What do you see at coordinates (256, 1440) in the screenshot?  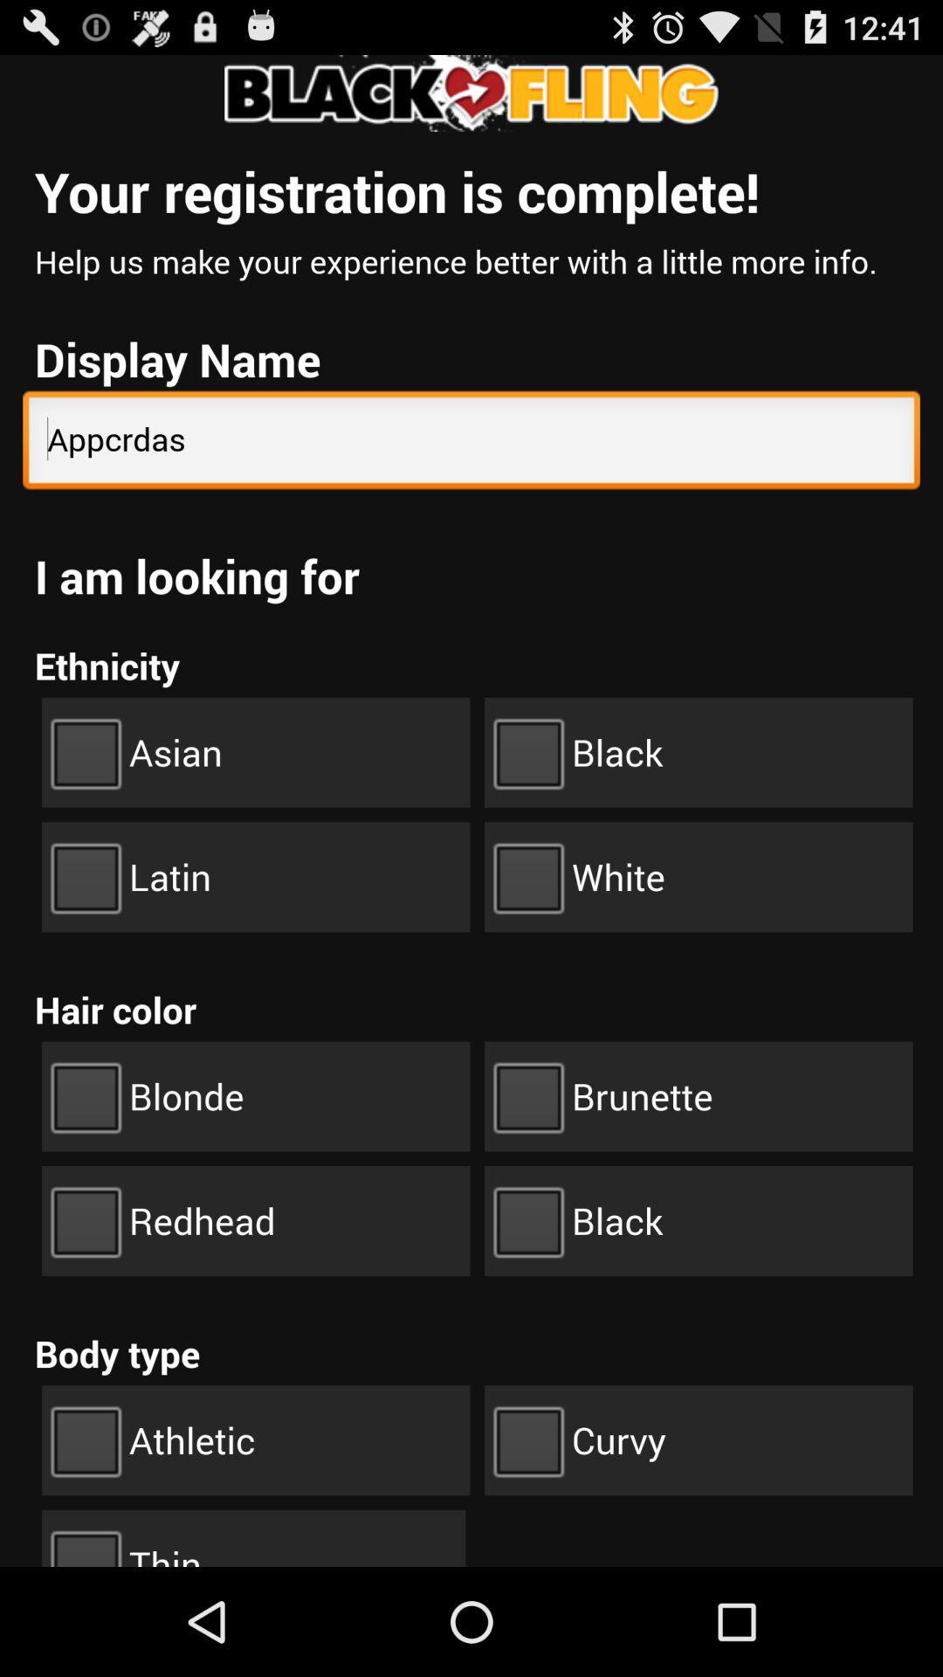 I see `the check box athletic on the web page` at bounding box center [256, 1440].